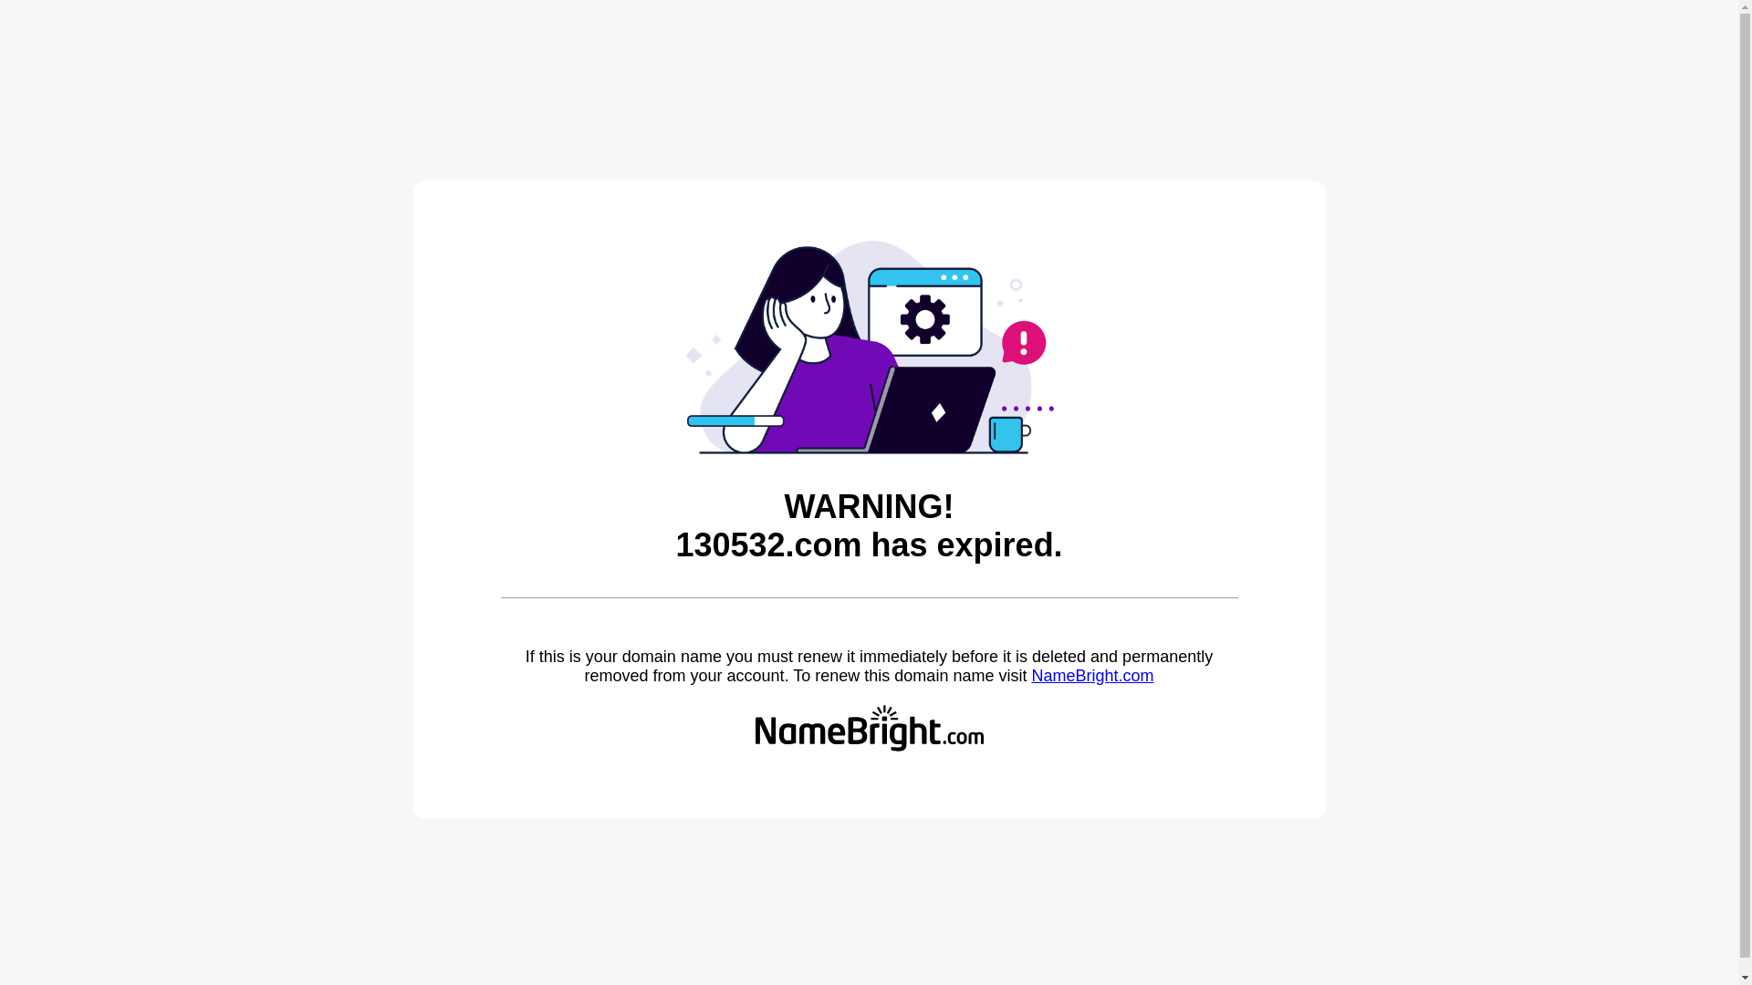 The width and height of the screenshot is (1752, 985). I want to click on 'NameBright.com', so click(1030, 675).